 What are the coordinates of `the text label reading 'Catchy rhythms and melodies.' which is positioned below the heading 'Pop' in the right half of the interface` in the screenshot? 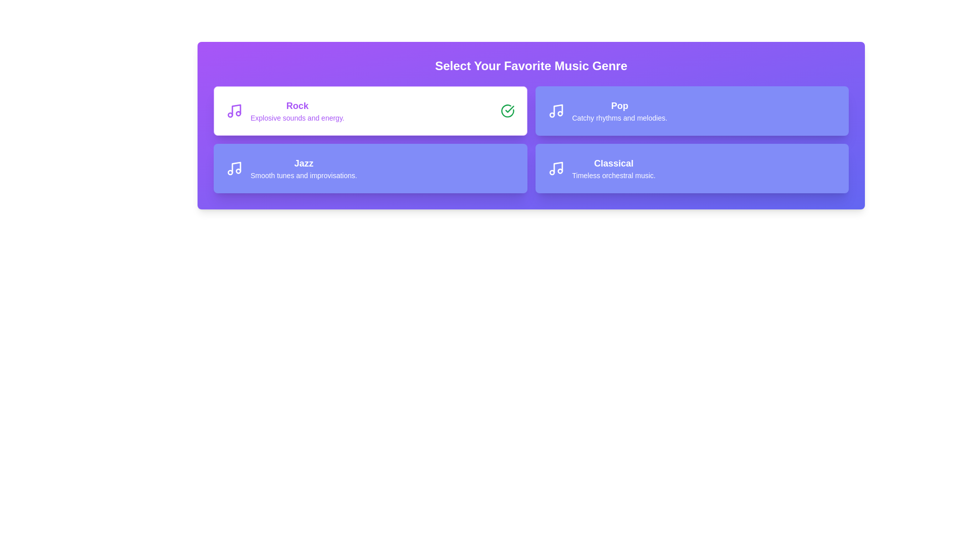 It's located at (619, 118).